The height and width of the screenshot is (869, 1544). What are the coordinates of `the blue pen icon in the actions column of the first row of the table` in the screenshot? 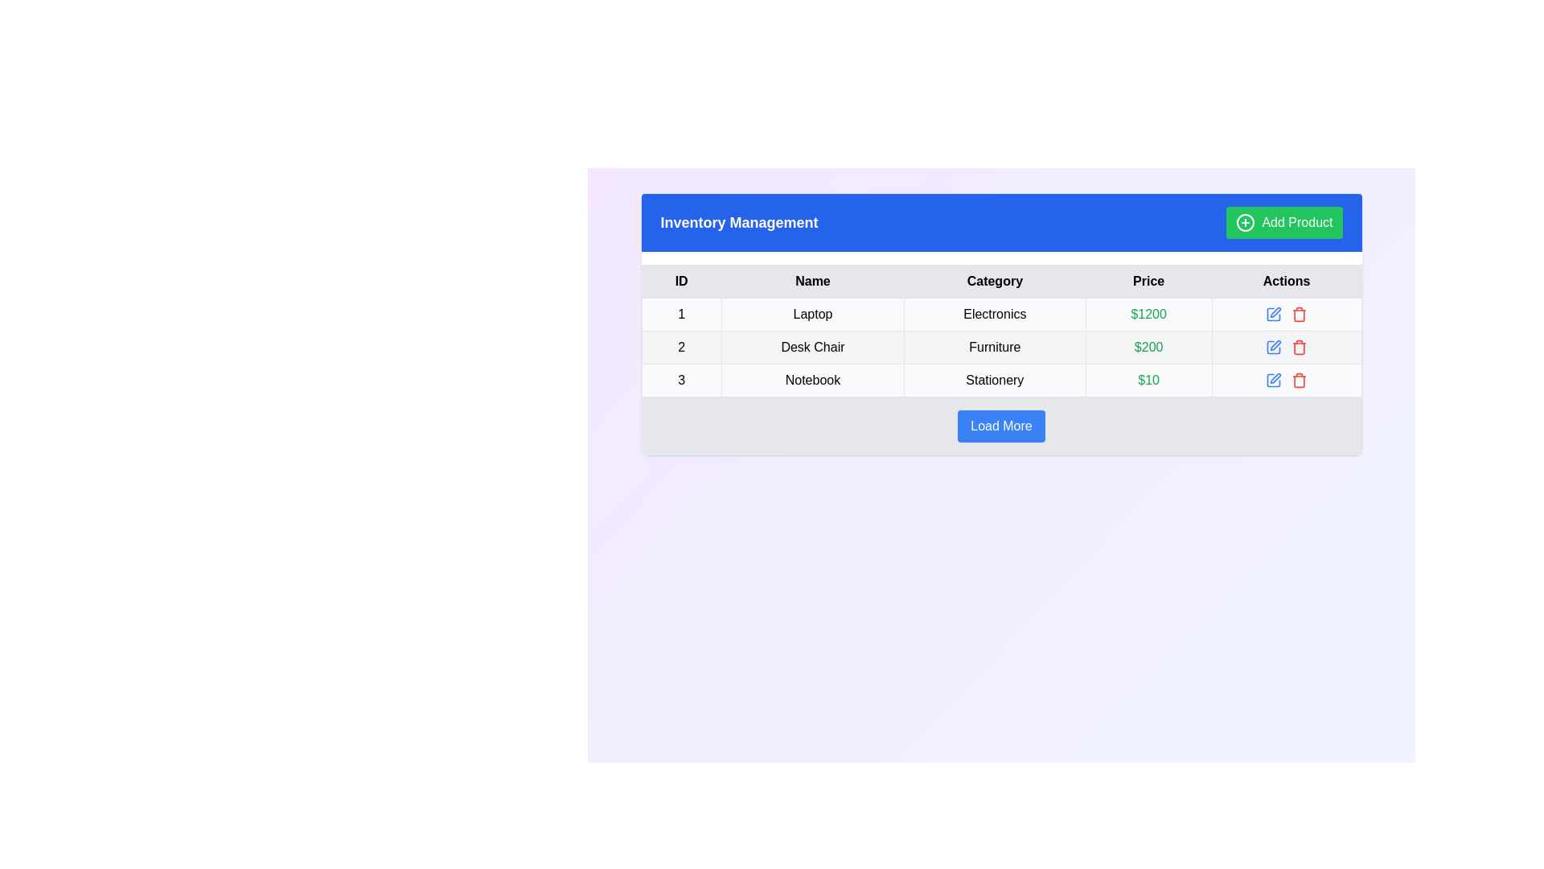 It's located at (1273, 314).